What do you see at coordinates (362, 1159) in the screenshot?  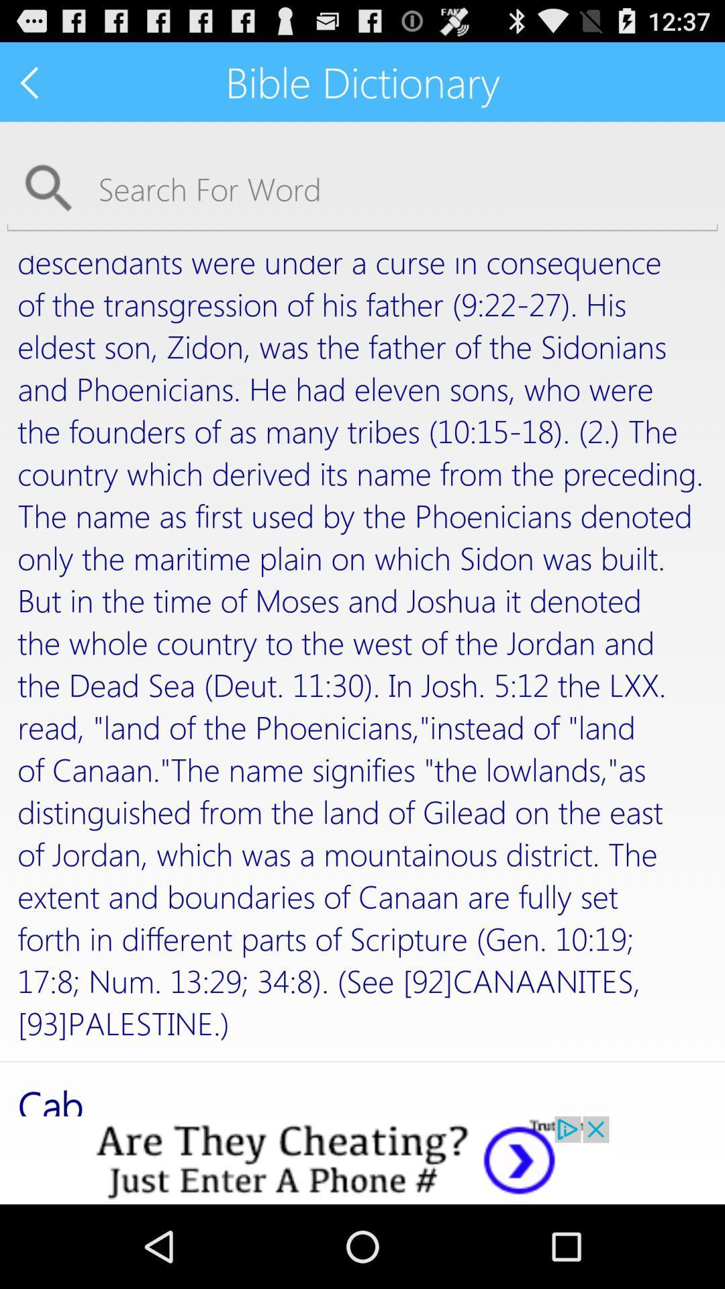 I see `share the article` at bounding box center [362, 1159].